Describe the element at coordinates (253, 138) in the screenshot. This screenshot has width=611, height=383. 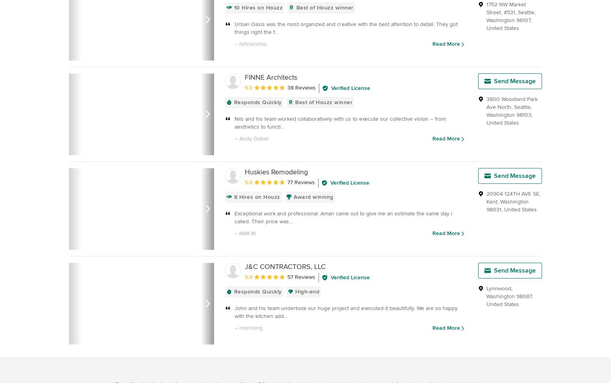
I see `'Andy Galker'` at that location.